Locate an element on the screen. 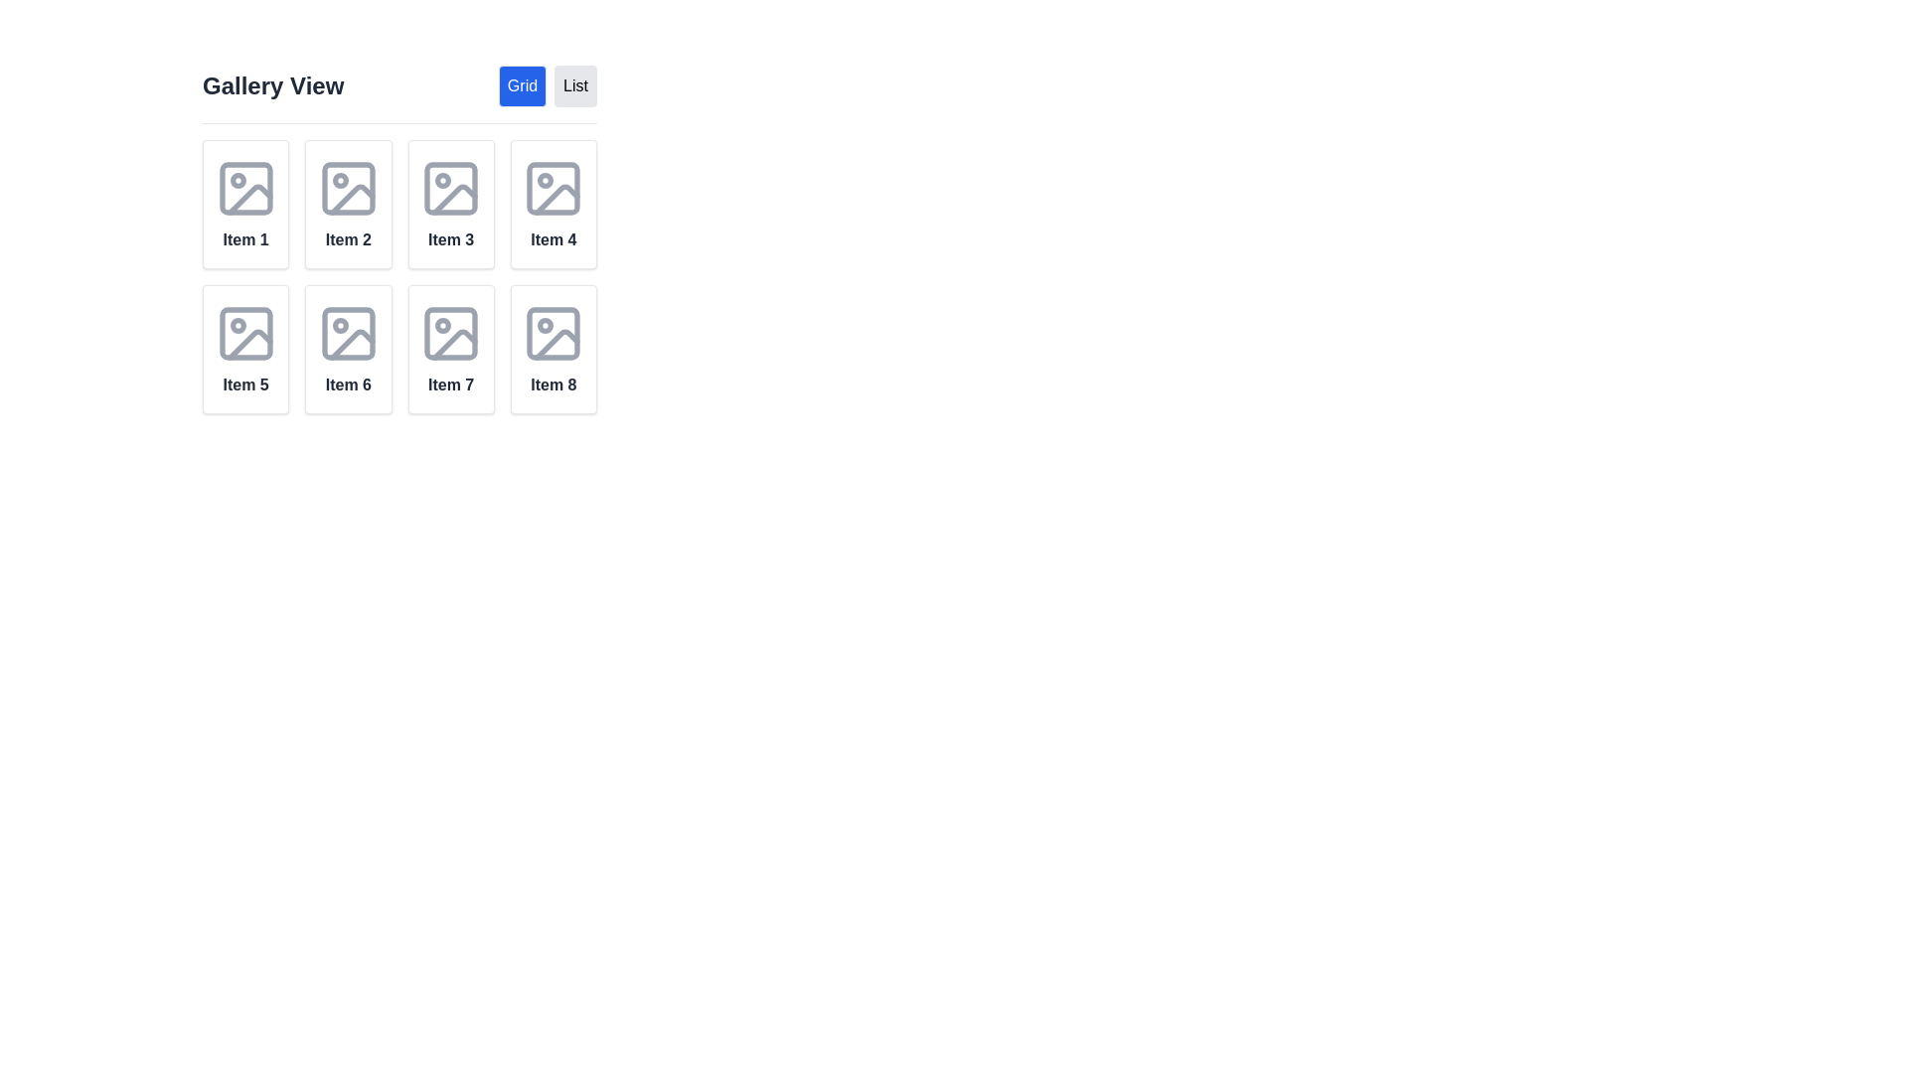  the gallery item box labeled 'Item 5', which is the fifth element in the grid layout under the 'Gallery View' title is located at coordinates (244, 348).